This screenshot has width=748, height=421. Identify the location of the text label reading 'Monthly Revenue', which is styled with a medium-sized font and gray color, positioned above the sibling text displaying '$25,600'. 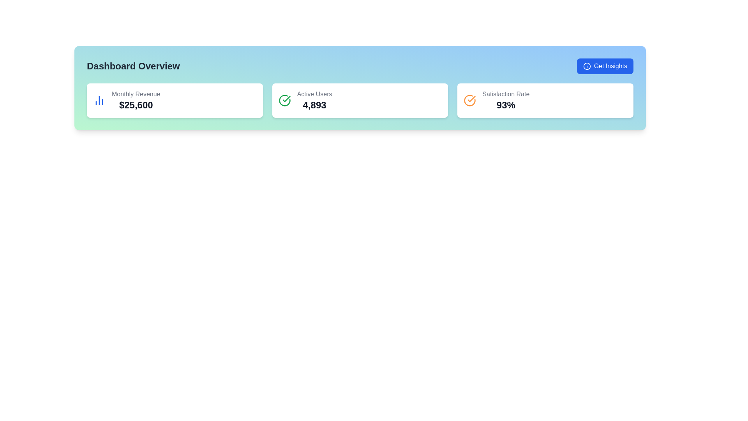
(136, 94).